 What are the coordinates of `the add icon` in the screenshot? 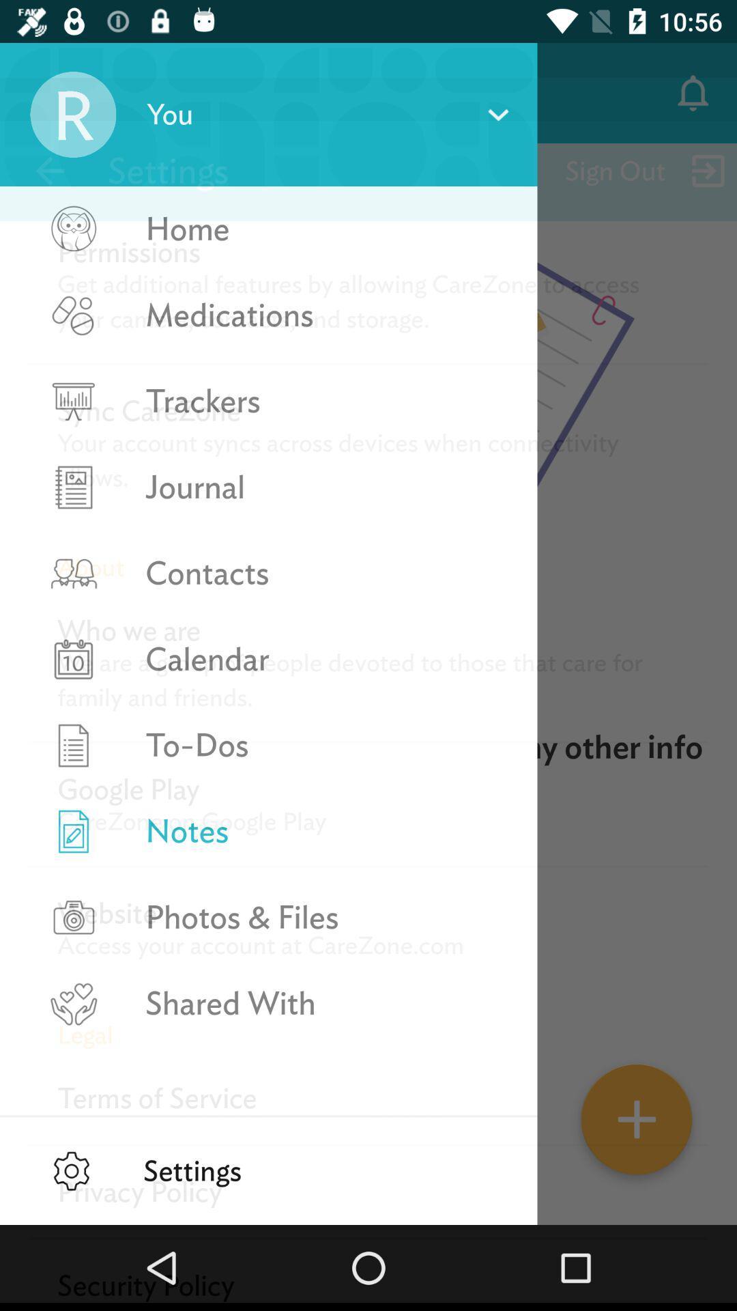 It's located at (637, 1124).